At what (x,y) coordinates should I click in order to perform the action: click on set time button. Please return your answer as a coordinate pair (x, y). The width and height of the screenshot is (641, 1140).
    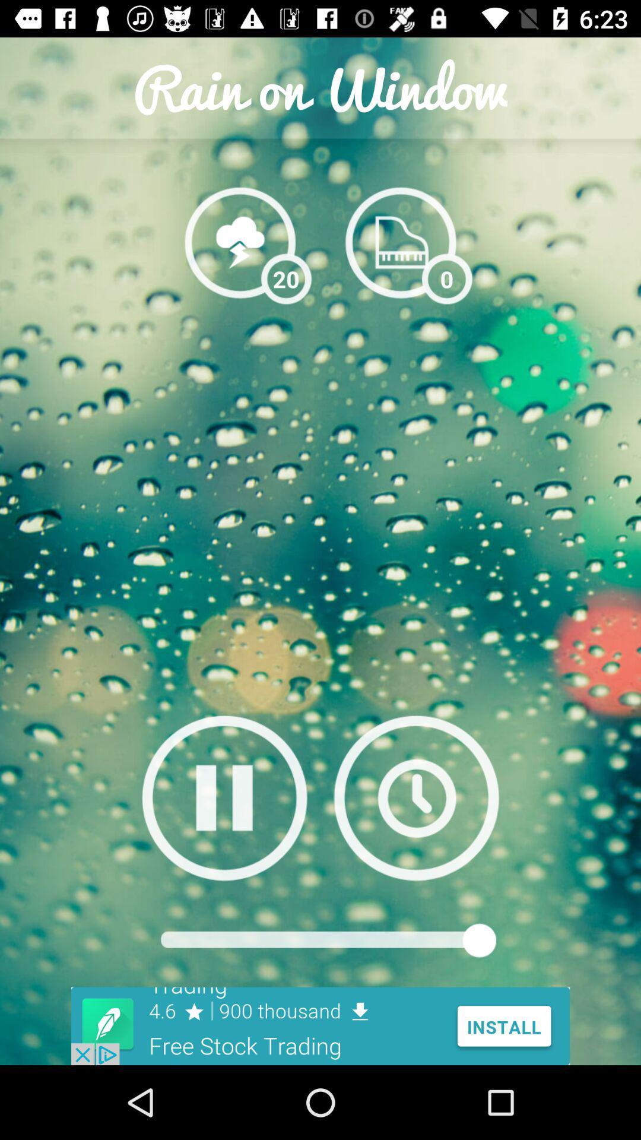
    Looking at the image, I should click on (415, 797).